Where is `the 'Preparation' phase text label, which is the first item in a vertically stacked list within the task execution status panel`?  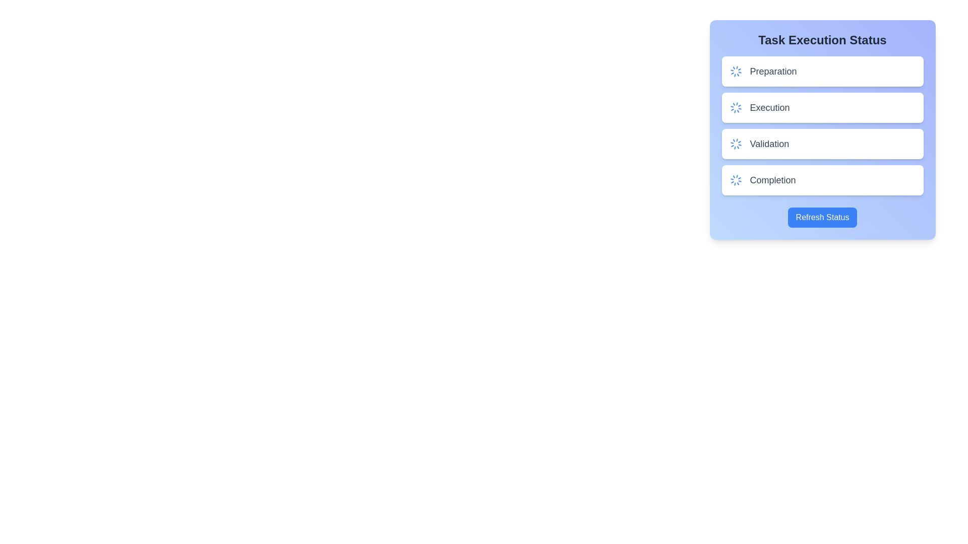 the 'Preparation' phase text label, which is the first item in a vertically stacked list within the task execution status panel is located at coordinates (773, 71).